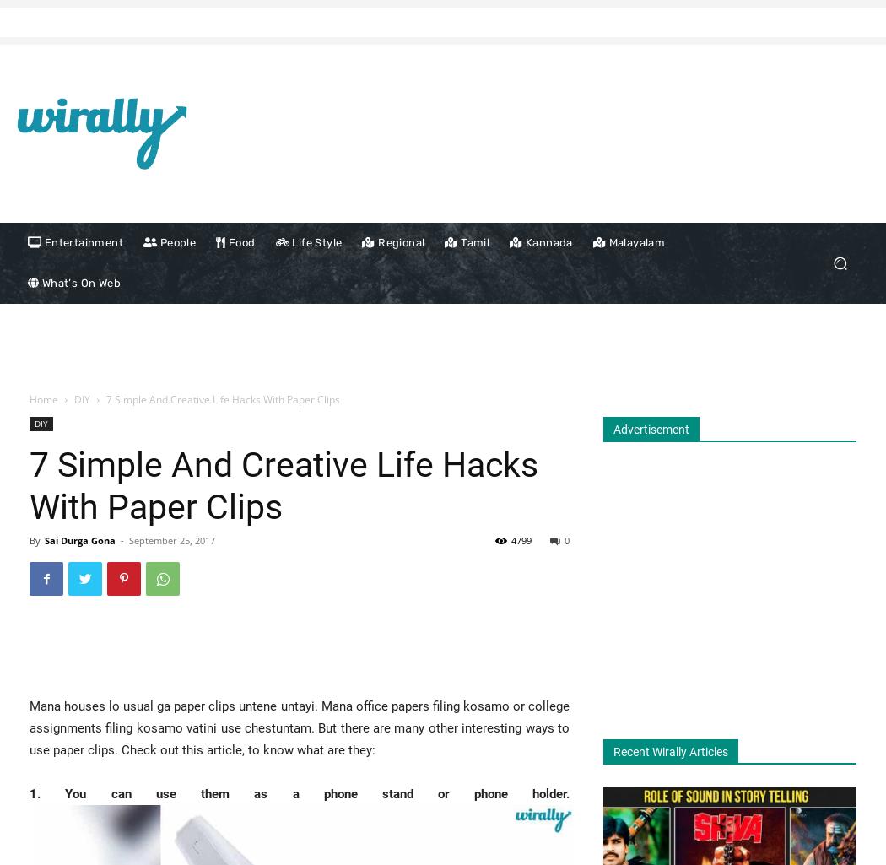  What do you see at coordinates (239, 242) in the screenshot?
I see `'Food'` at bounding box center [239, 242].